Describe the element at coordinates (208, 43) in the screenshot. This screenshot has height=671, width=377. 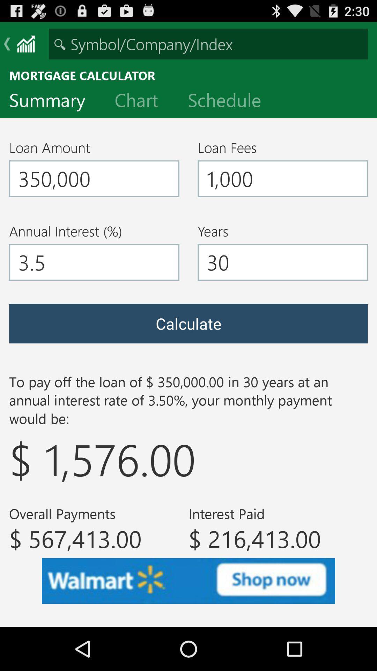
I see `item above mortgage calculator` at that location.